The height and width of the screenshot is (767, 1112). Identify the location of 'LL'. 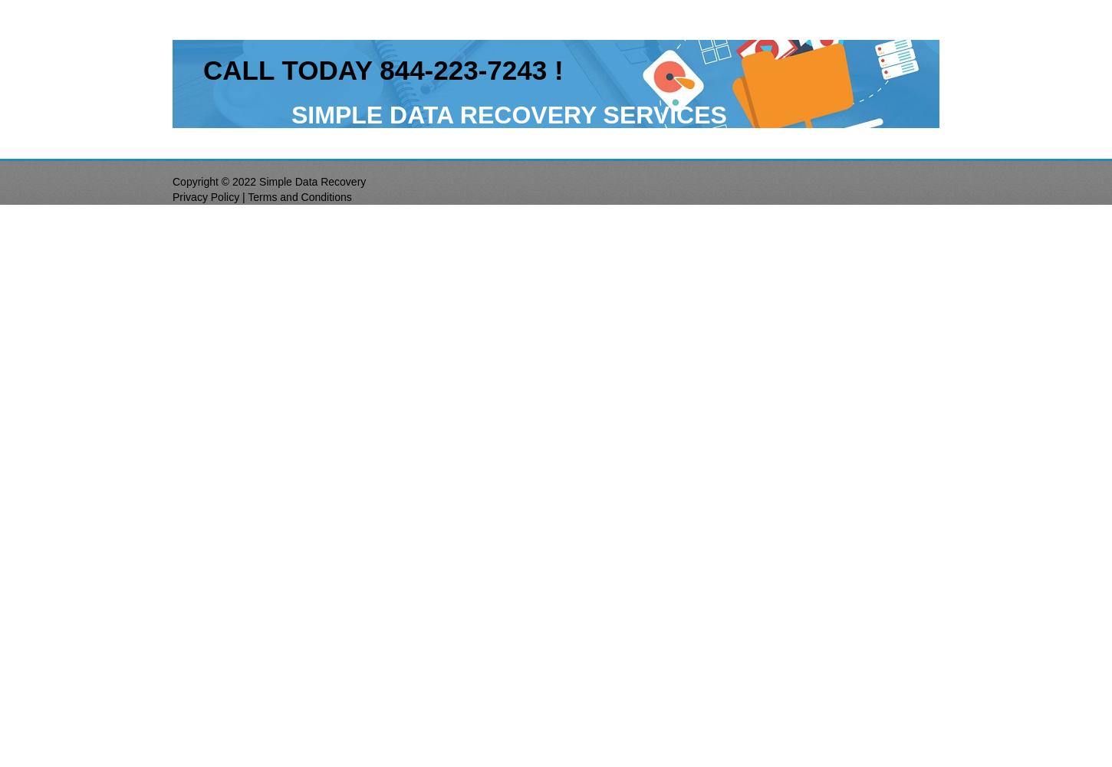
(257, 69).